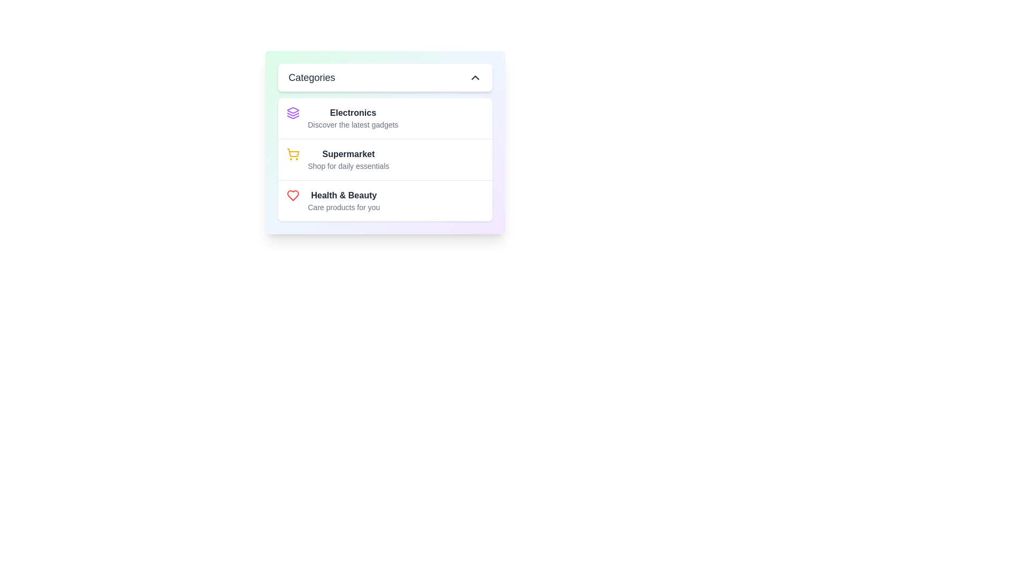 The image size is (1029, 579). Describe the element at coordinates (385, 77) in the screenshot. I see `the 'Categories' button, which has a white background, rounded corners, and a shadow effect, to trigger hover effects` at that location.